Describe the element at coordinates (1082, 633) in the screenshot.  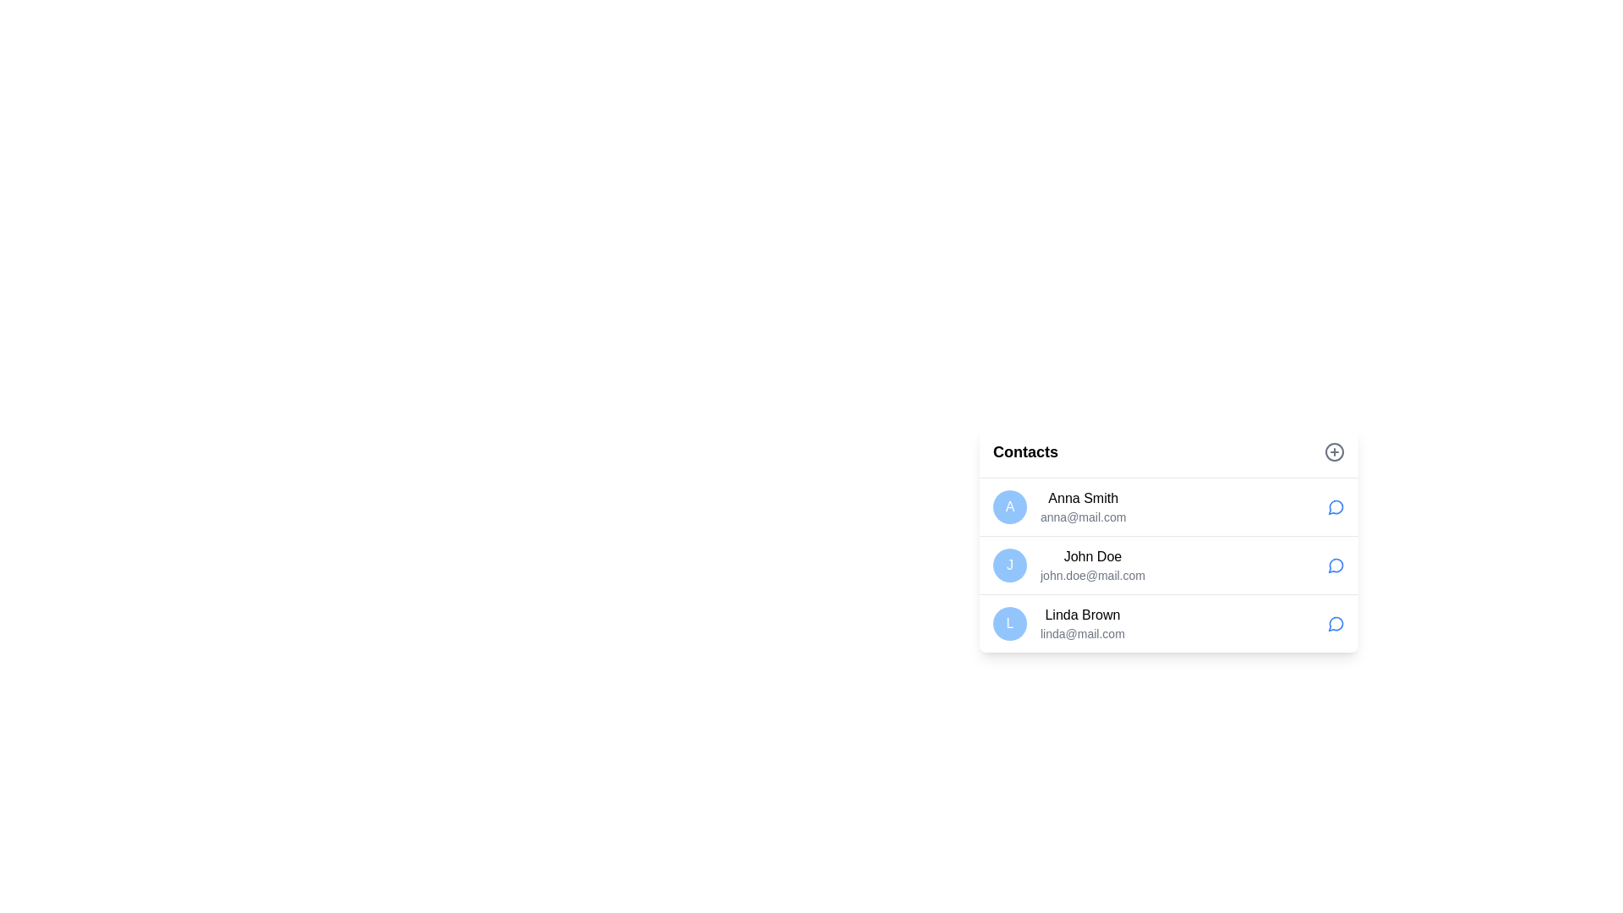
I see `text from the text label displaying 'linda@mail.com', which is positioned below the bold name 'Linda Brown' in the contact list` at that location.